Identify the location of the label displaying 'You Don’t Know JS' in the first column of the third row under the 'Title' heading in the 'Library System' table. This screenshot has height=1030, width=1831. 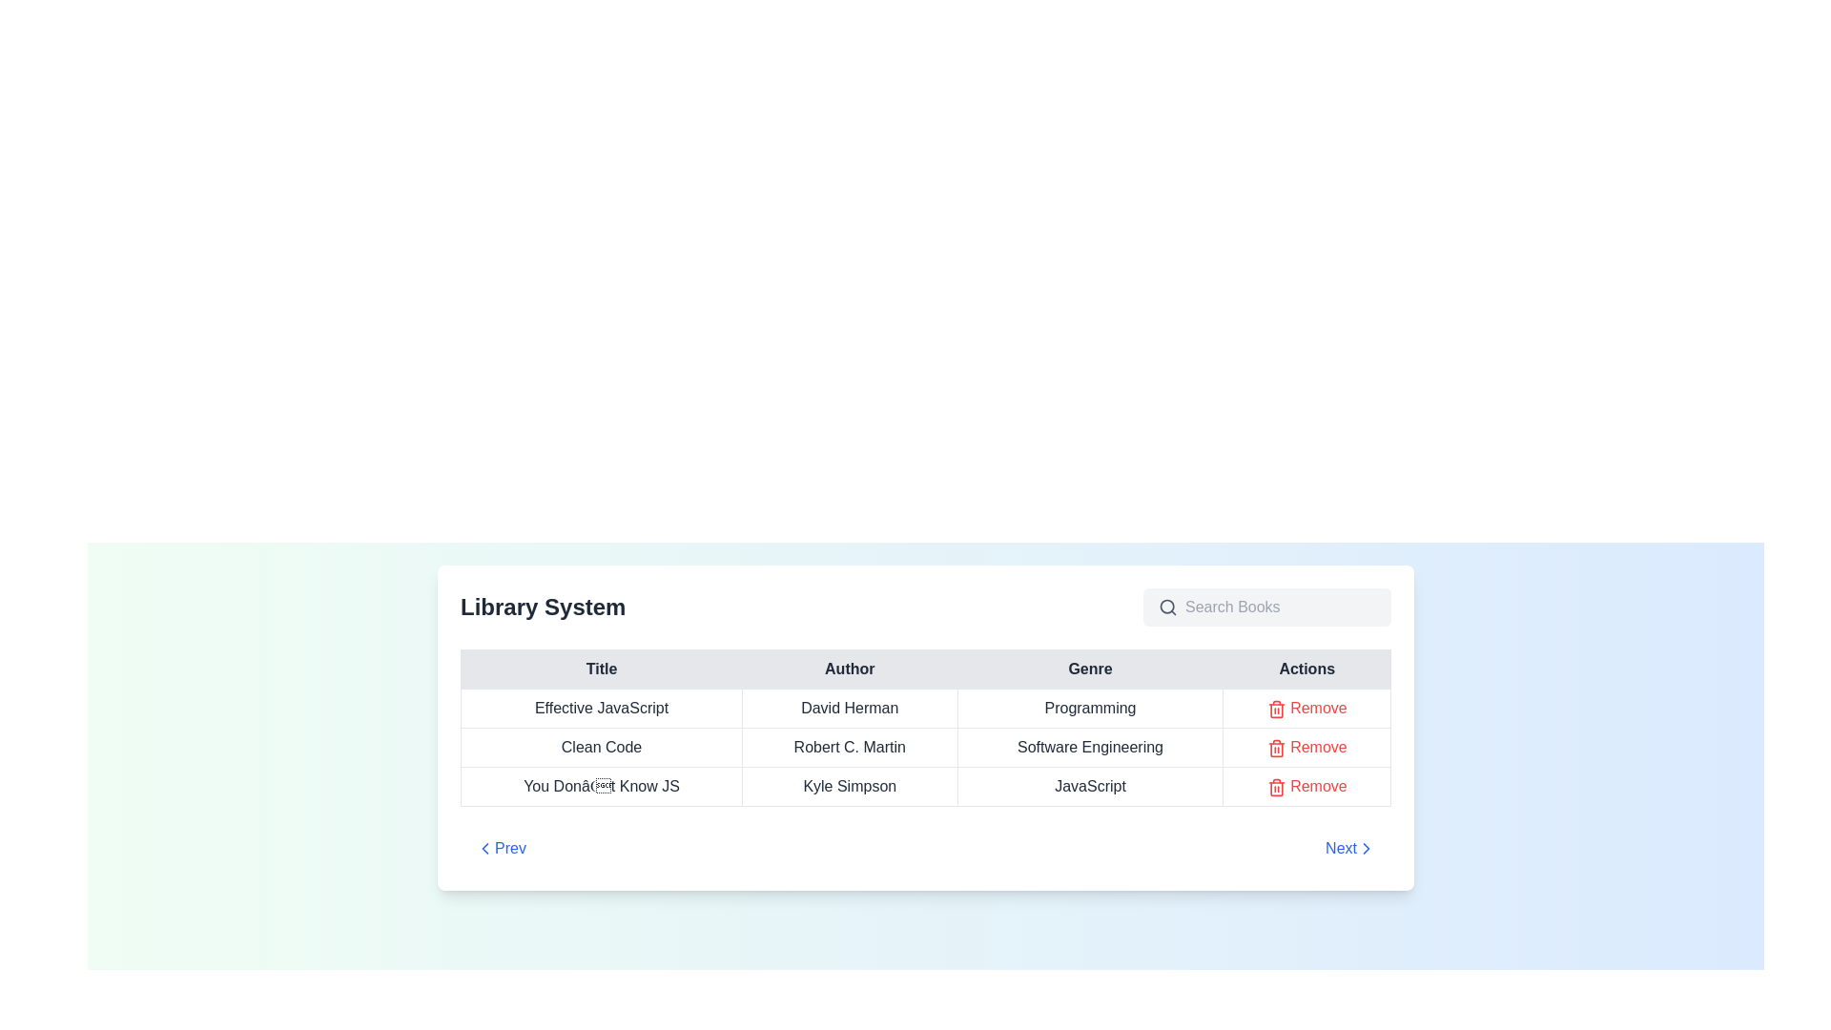
(601, 787).